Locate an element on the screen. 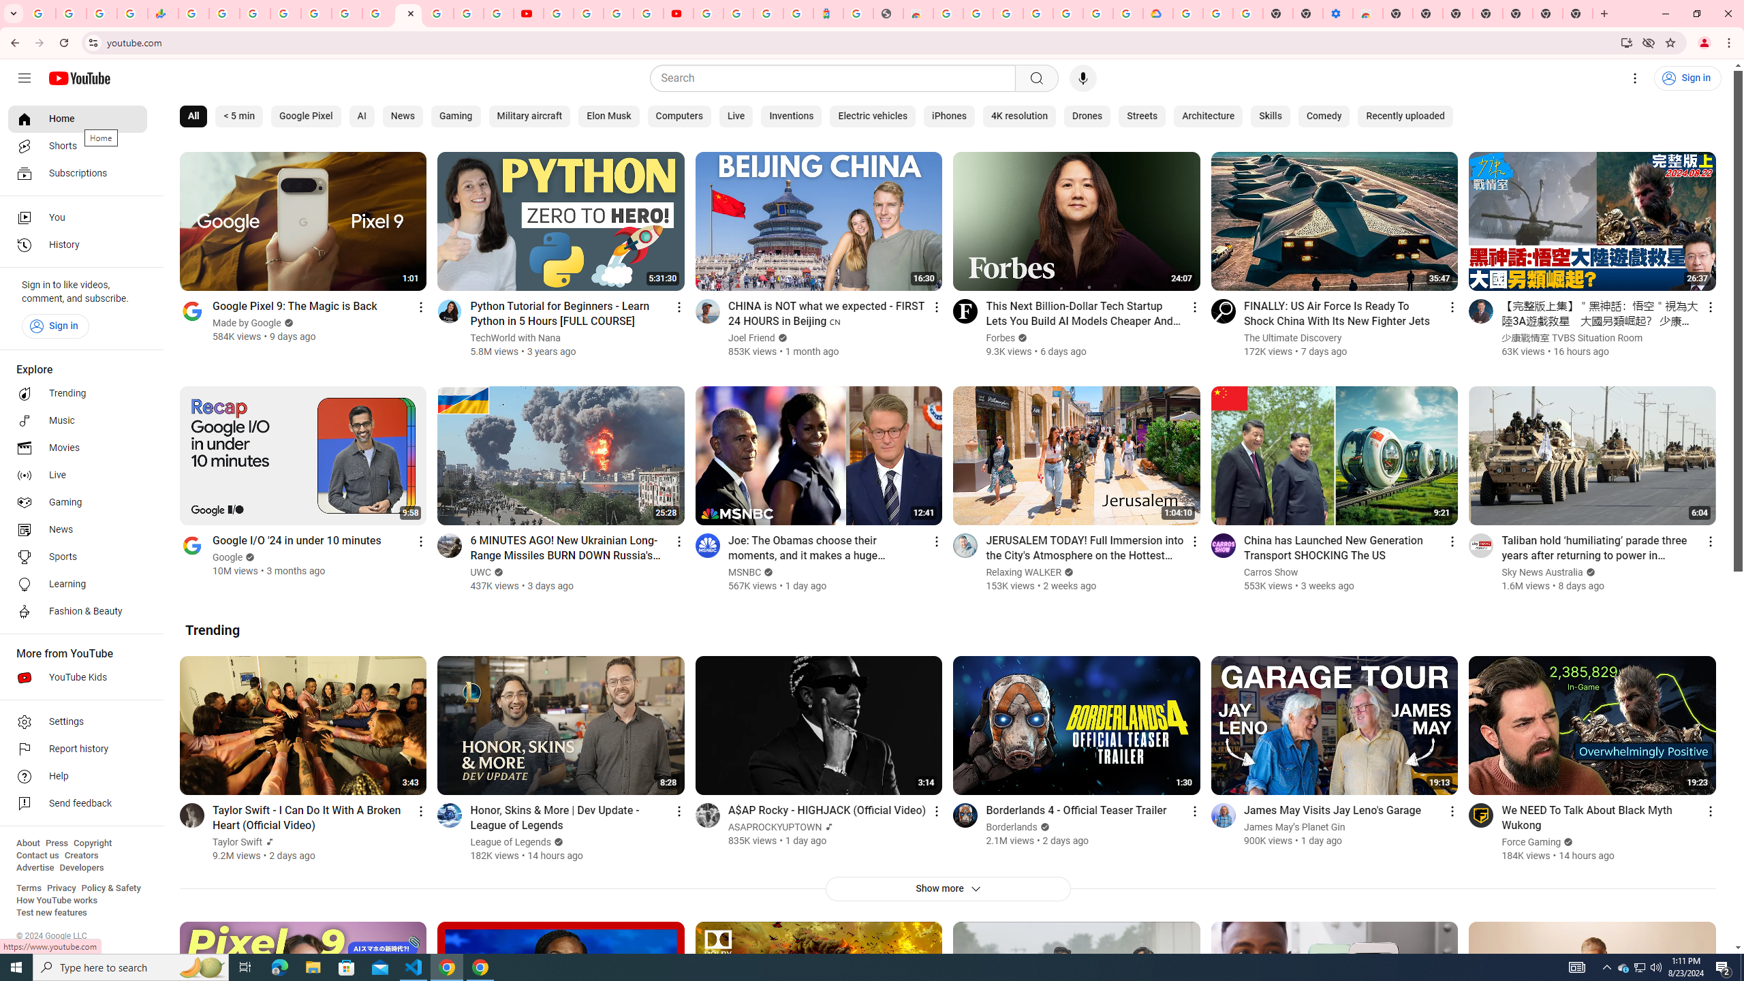  'Content Creator Programs & Opportunities - YouTube Creators' is located at coordinates (677, 13).